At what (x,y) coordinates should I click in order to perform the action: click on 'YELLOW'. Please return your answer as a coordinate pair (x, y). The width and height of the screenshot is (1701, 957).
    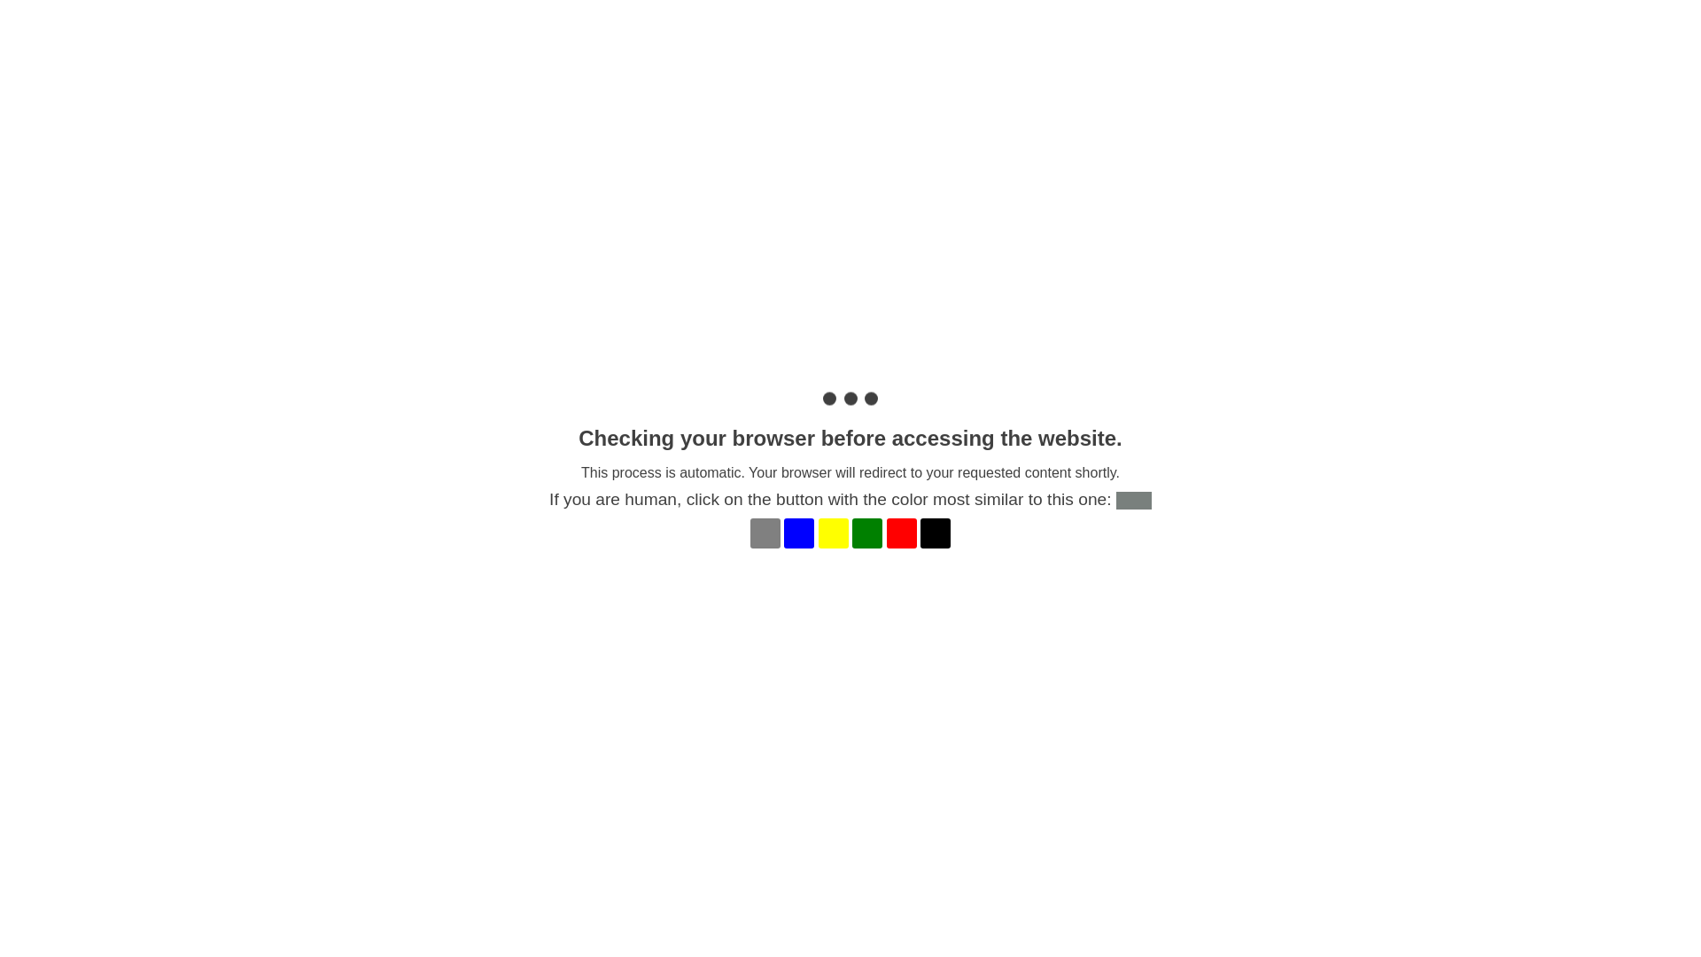
    Looking at the image, I should click on (832, 532).